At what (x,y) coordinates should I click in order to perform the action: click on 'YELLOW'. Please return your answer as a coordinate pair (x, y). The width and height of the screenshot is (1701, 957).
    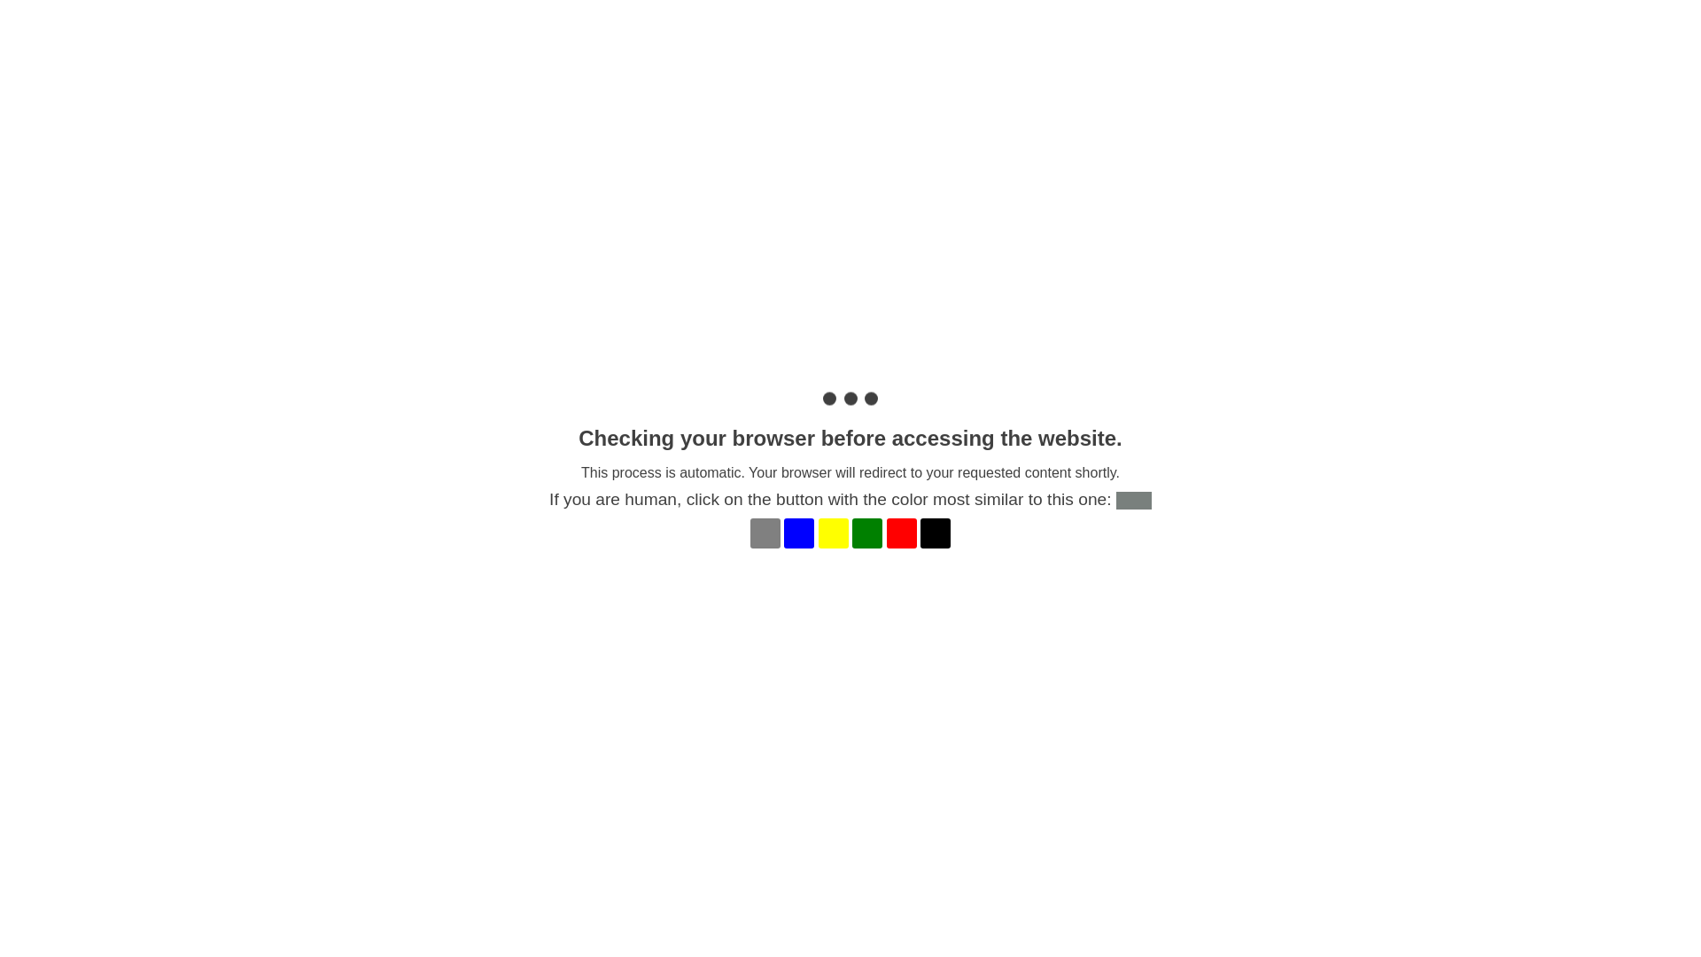
    Looking at the image, I should click on (832, 532).